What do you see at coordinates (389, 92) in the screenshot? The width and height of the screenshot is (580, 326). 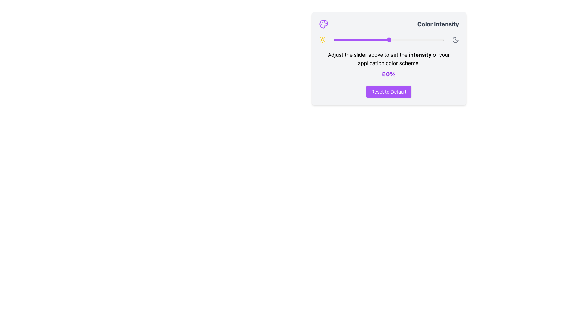 I see `the reset button located at the bottom-center of the 'Color Intensity' card to revert the settings to their default state` at bounding box center [389, 92].